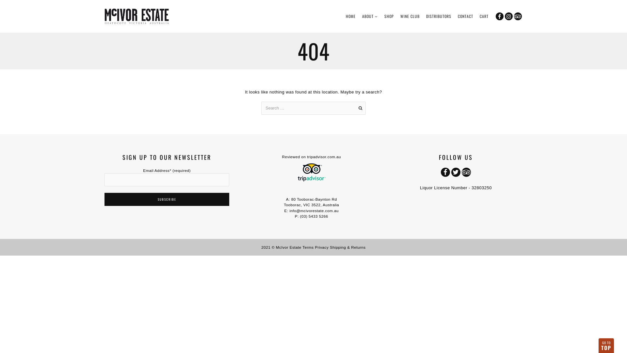  Describe the element at coordinates (314, 216) in the screenshot. I see `'(03) 5433 5266'` at that location.